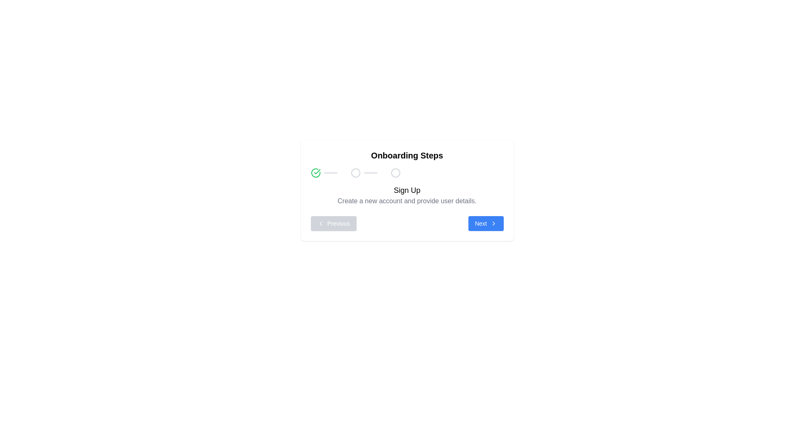  I want to click on the visual status indicator (progress bar segment) which is a narrow rectangular bar with a light gray background, positioned immediately to the right of the first circular step in the onboarding progress indicator section, so click(330, 172).